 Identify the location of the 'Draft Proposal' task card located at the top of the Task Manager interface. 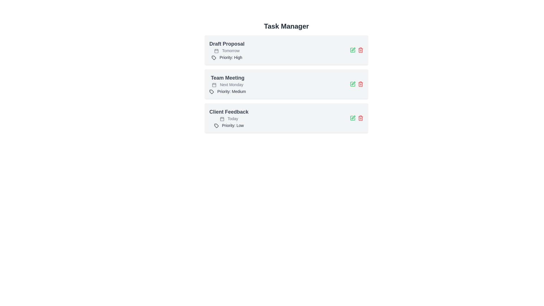
(227, 50).